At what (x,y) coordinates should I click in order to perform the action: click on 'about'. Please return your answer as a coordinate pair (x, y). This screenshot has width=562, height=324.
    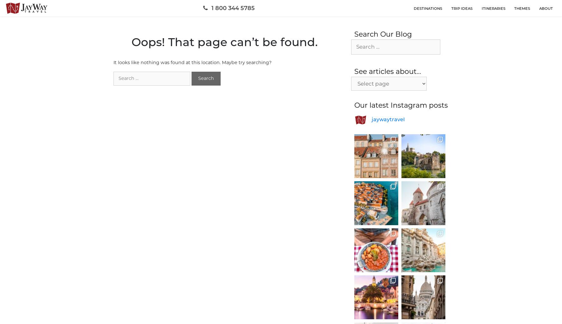
    Looking at the image, I should click on (546, 8).